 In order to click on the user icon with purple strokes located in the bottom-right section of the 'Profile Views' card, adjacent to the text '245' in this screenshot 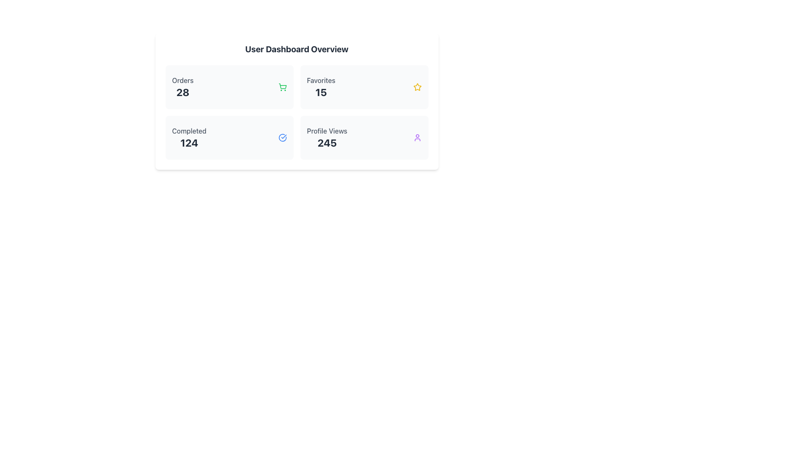, I will do `click(417, 137)`.